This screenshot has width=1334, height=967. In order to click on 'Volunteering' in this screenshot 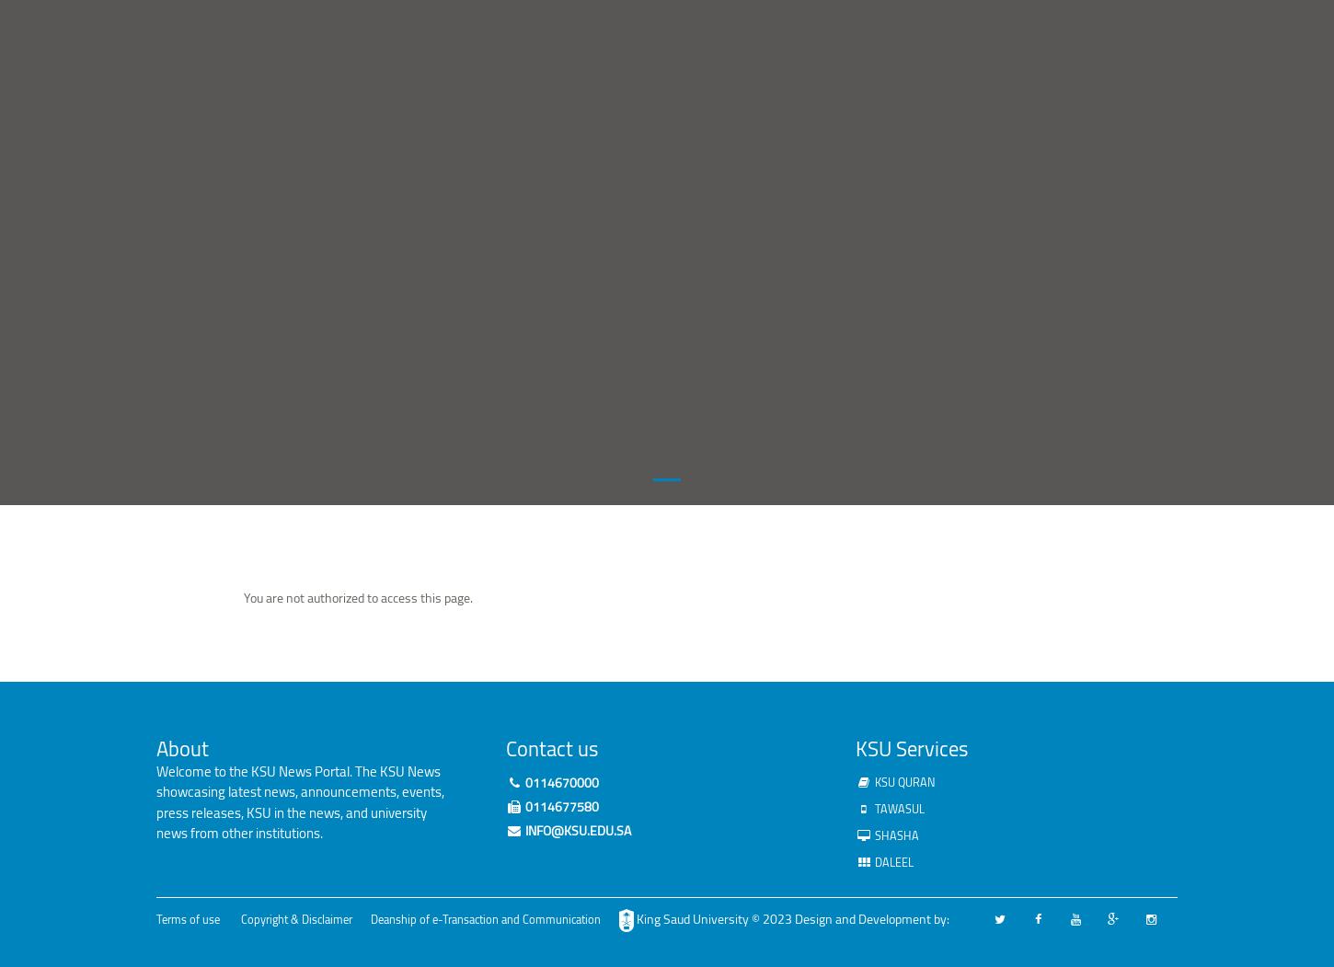, I will do `click(663, 122)`.